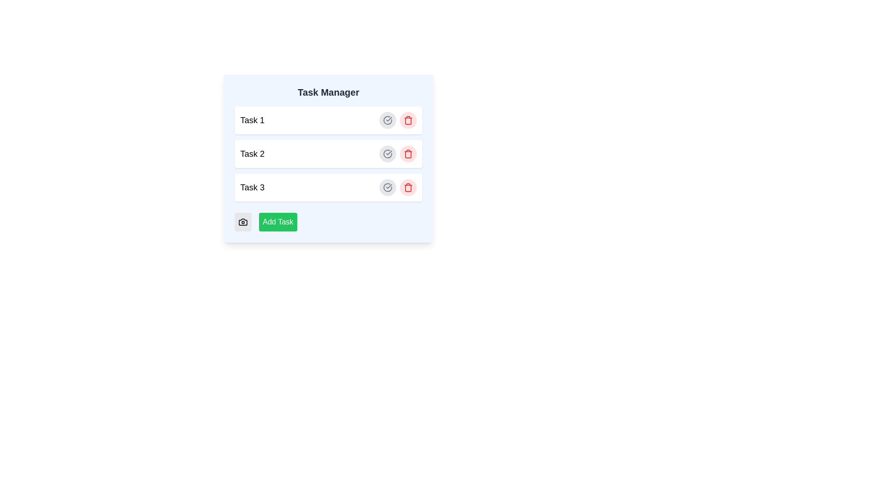 This screenshot has width=896, height=504. I want to click on the camera-related feature button located at the bottom-left corner of the 'Task Manager' interface, so click(243, 222).